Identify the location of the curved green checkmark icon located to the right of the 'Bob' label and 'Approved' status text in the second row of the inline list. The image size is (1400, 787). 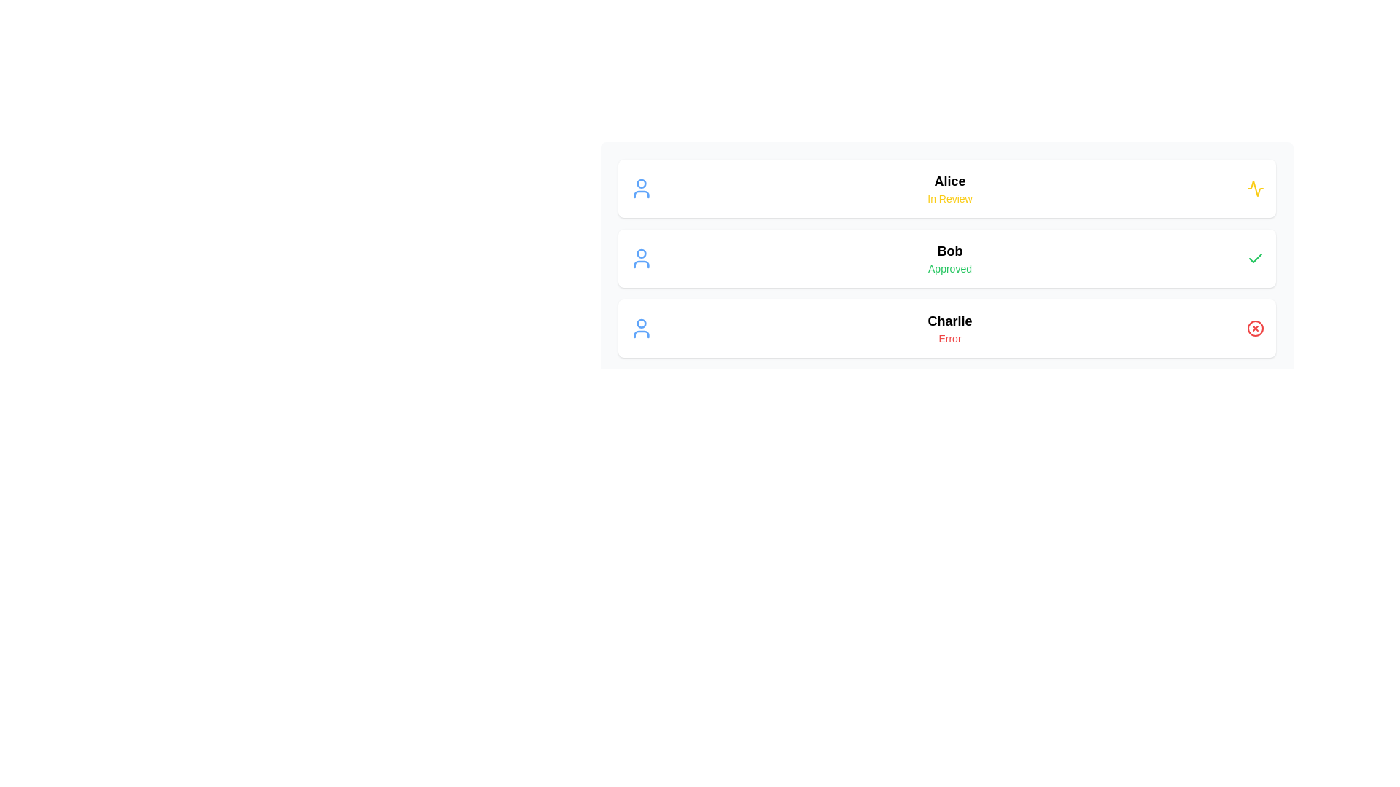
(1255, 257).